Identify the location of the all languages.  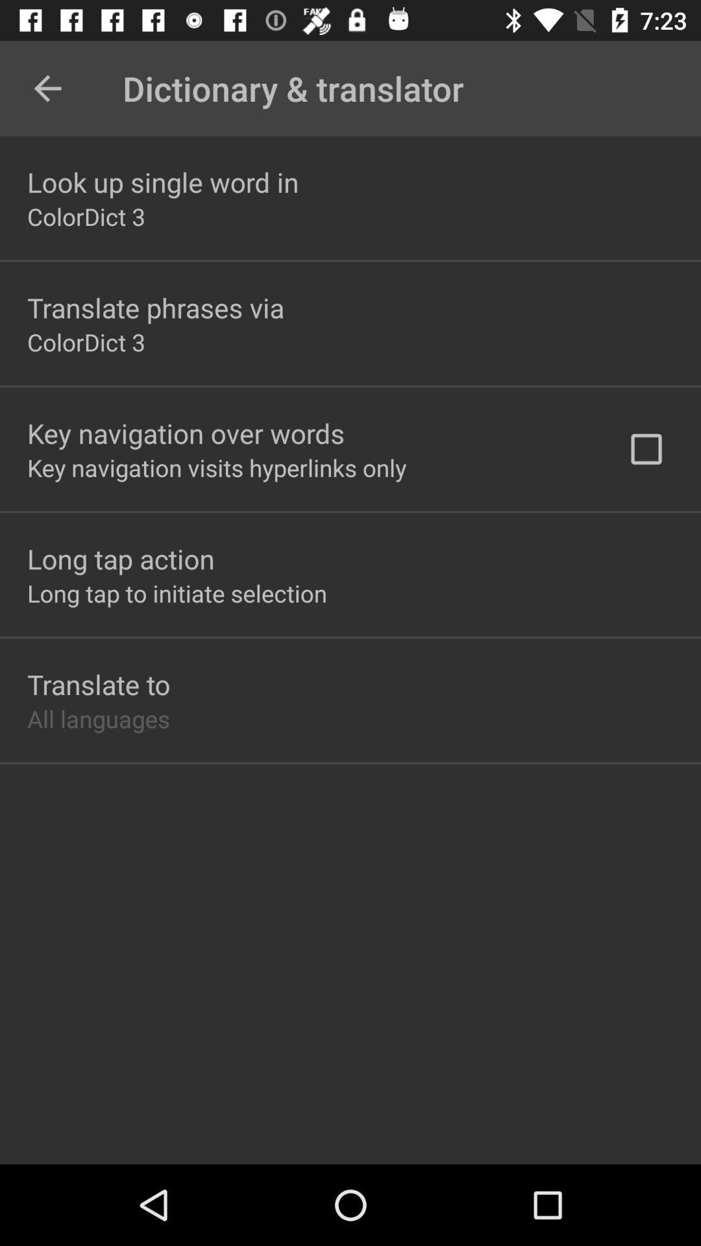
(97, 718).